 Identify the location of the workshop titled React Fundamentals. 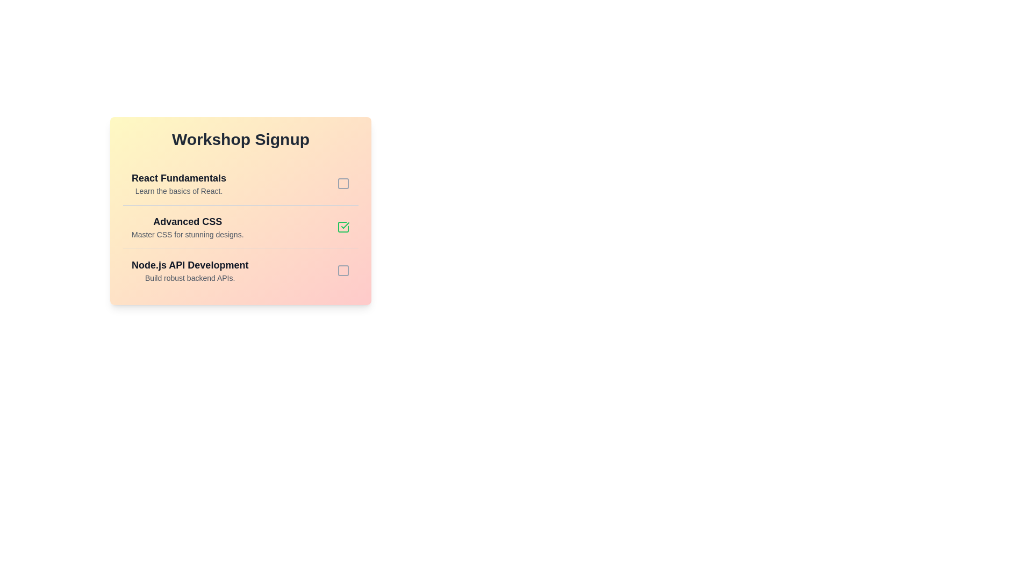
(178, 183).